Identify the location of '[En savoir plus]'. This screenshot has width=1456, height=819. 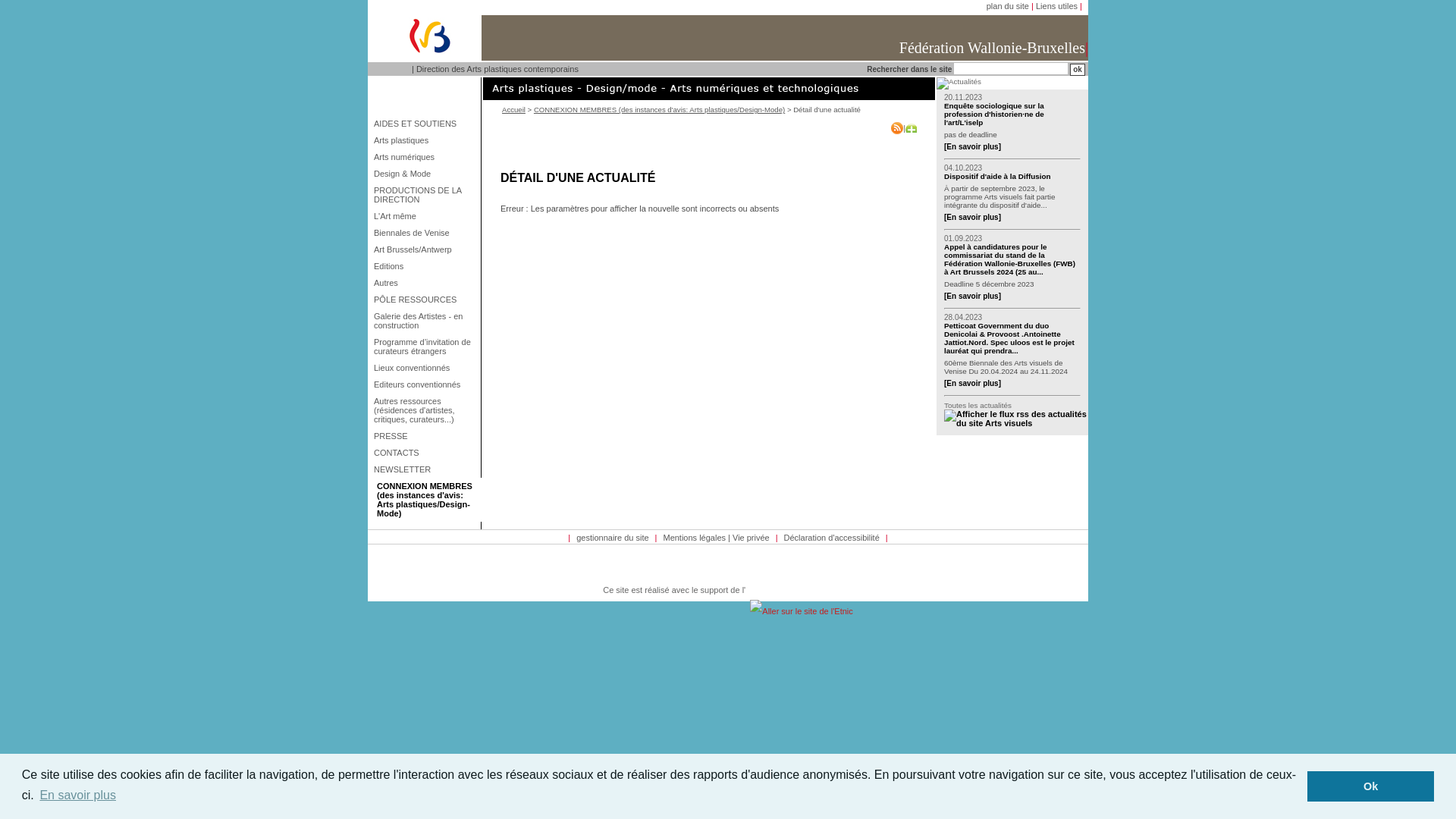
(972, 382).